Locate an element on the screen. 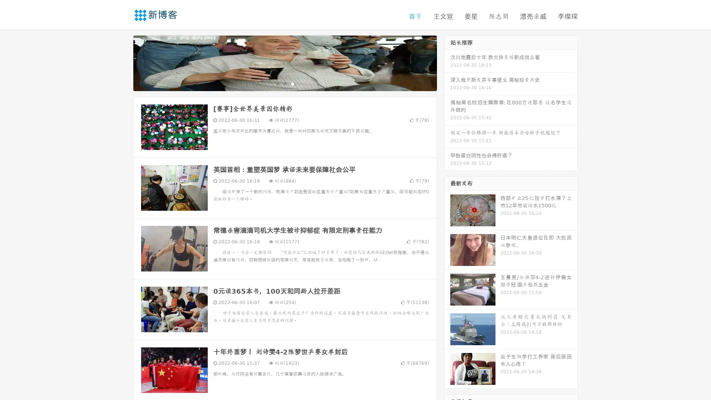 The height and width of the screenshot is (400, 711). Go to slide 2 is located at coordinates (284, 83).